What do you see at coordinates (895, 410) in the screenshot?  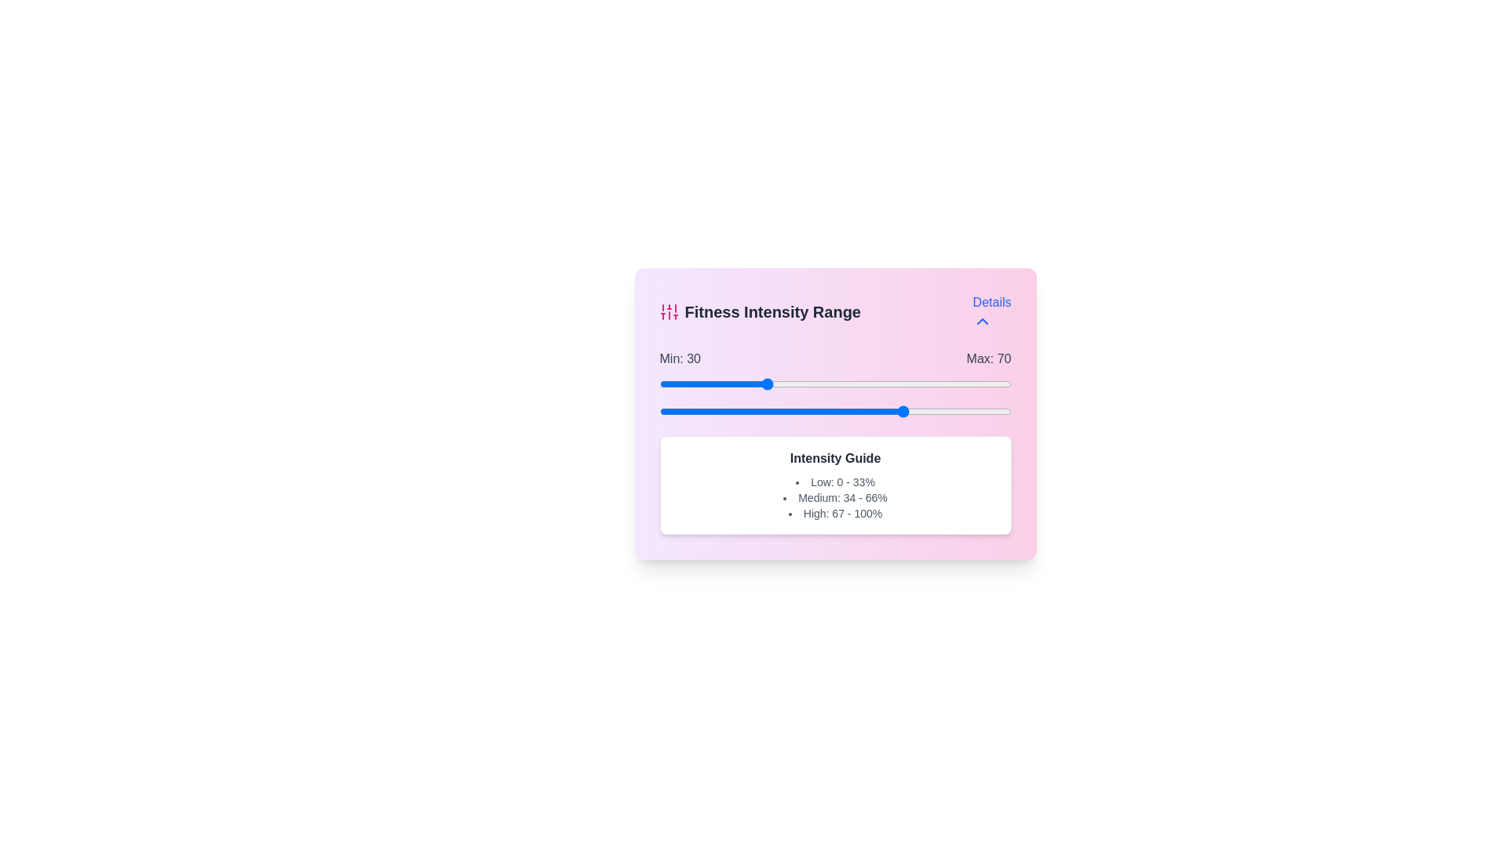 I see `the maximum intensity range slider to 67 percent` at bounding box center [895, 410].